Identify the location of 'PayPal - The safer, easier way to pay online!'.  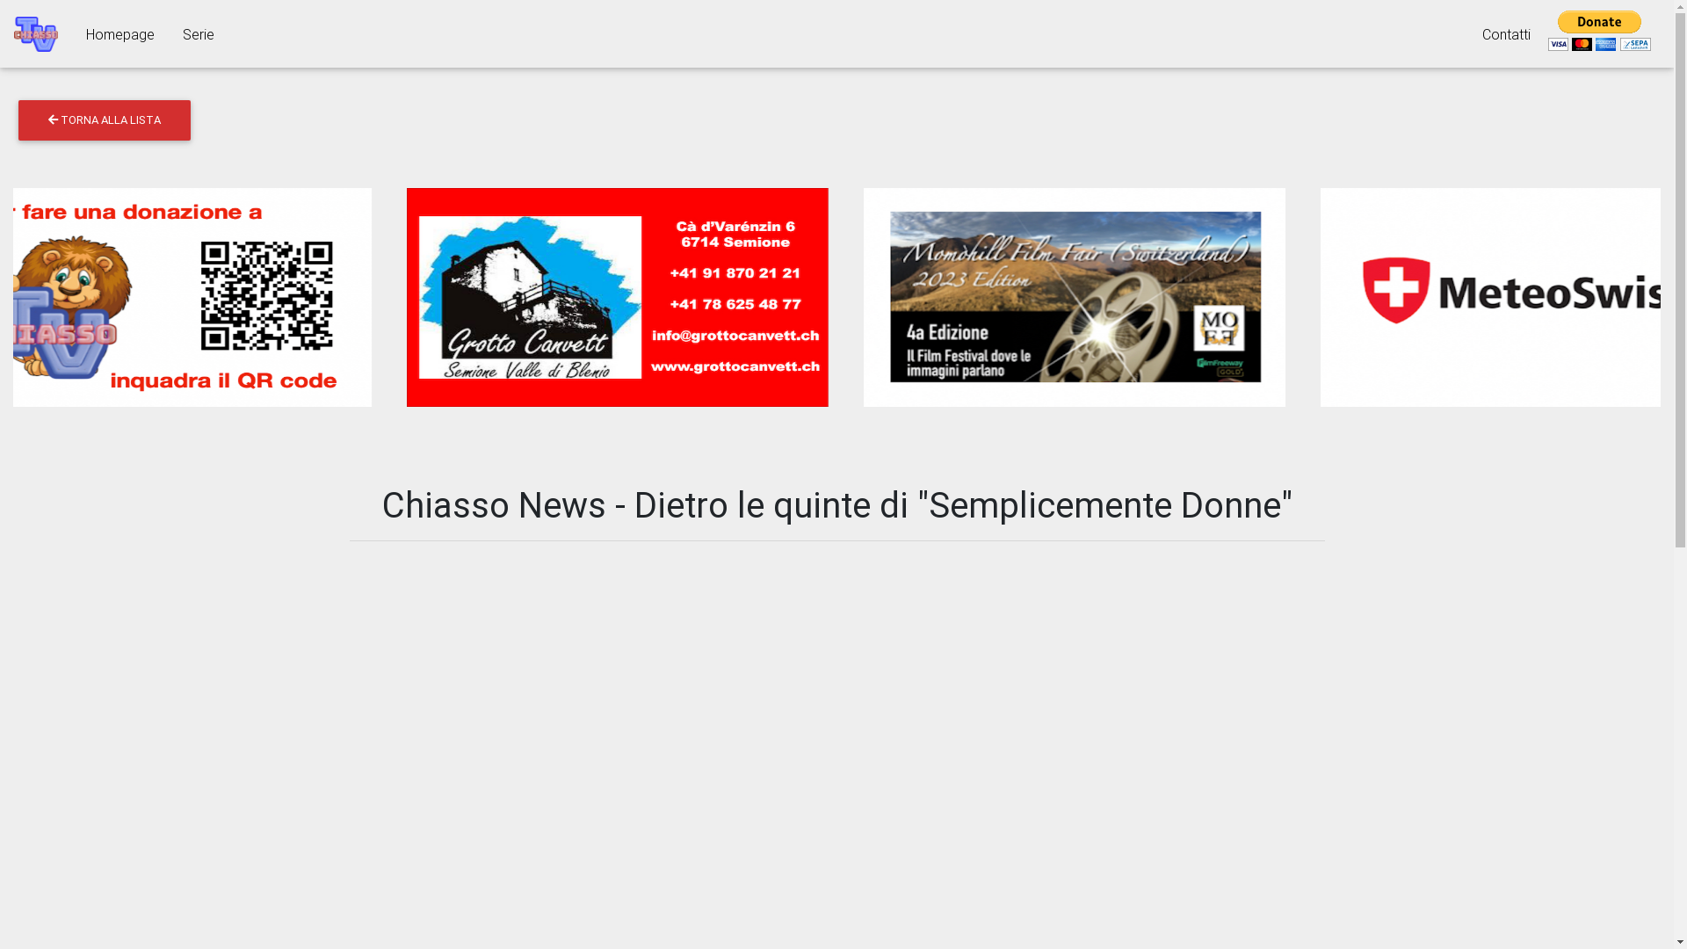
(1543, 31).